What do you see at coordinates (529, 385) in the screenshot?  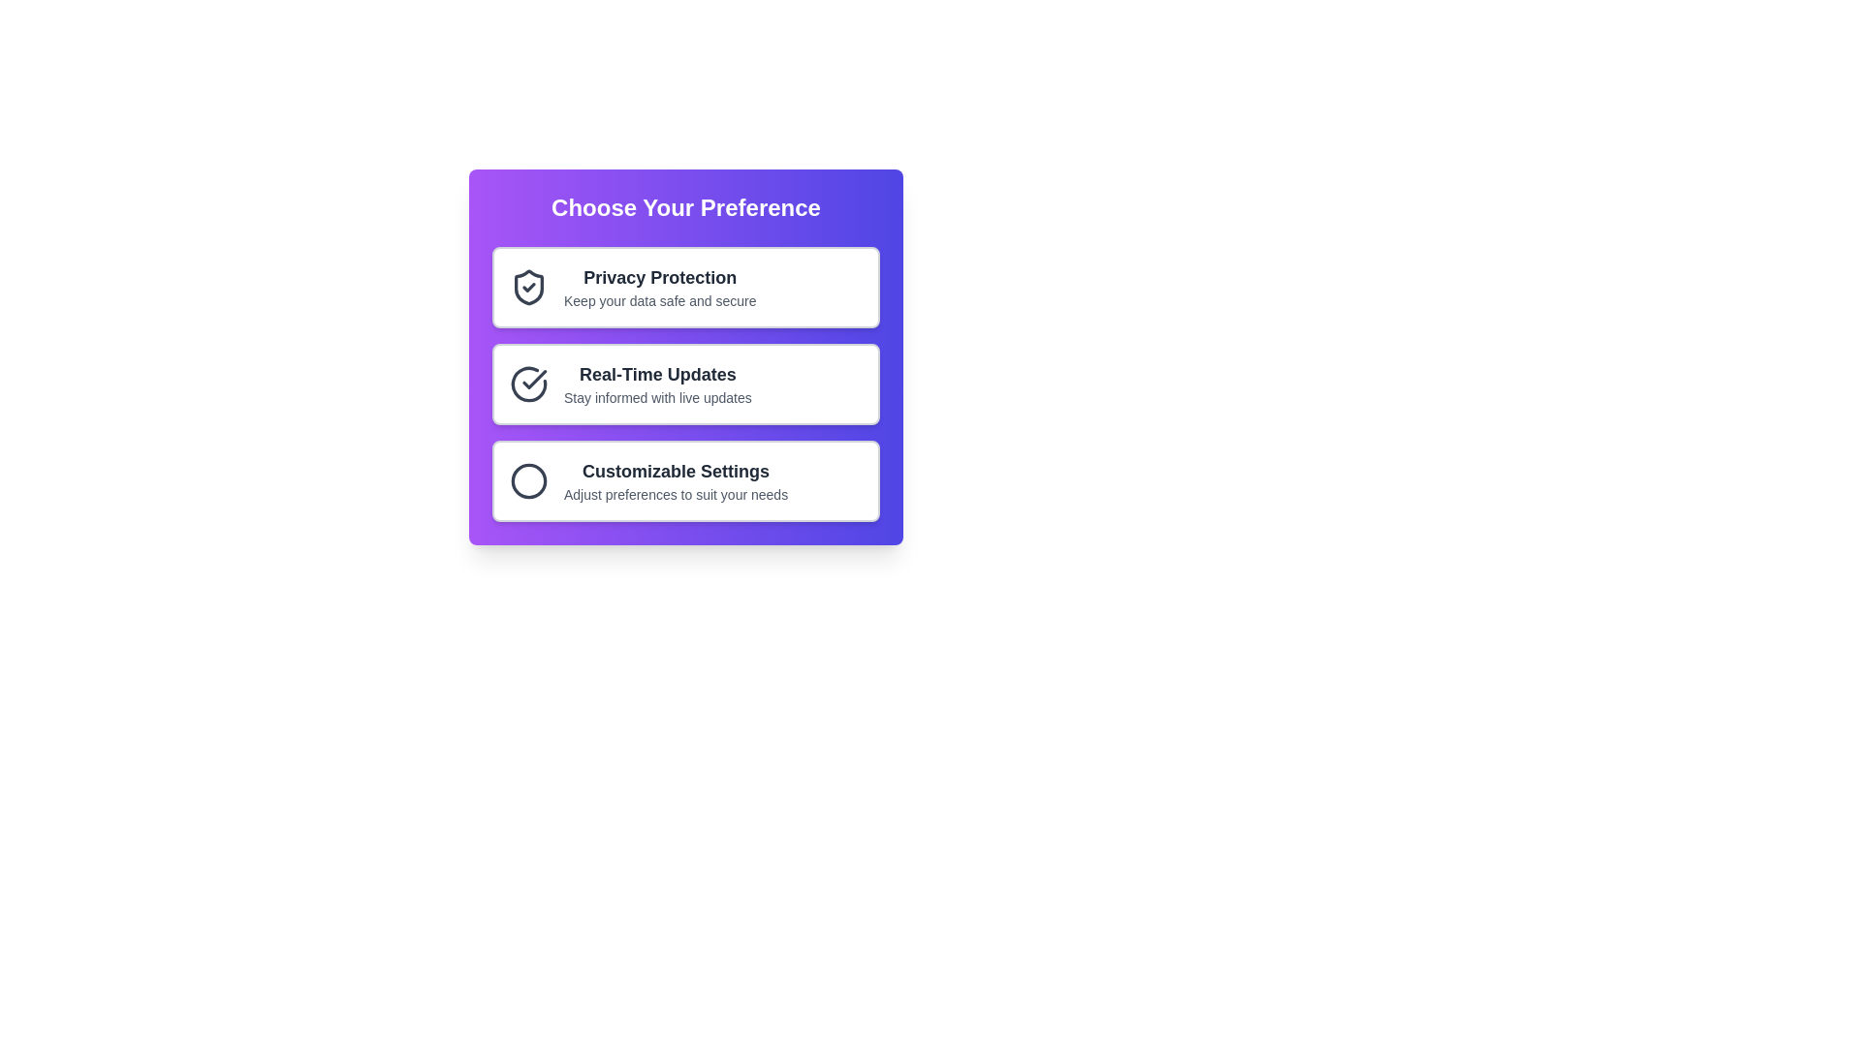 I see `the selection status icon for 'Real-Time Updates'` at bounding box center [529, 385].